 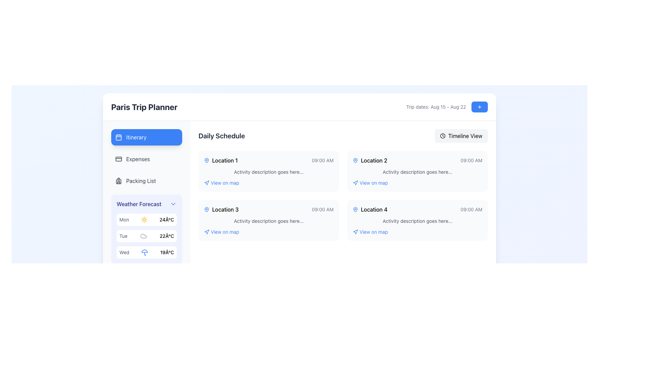 I want to click on the blue map pin icon of the 'Location 1' label, so click(x=221, y=160).